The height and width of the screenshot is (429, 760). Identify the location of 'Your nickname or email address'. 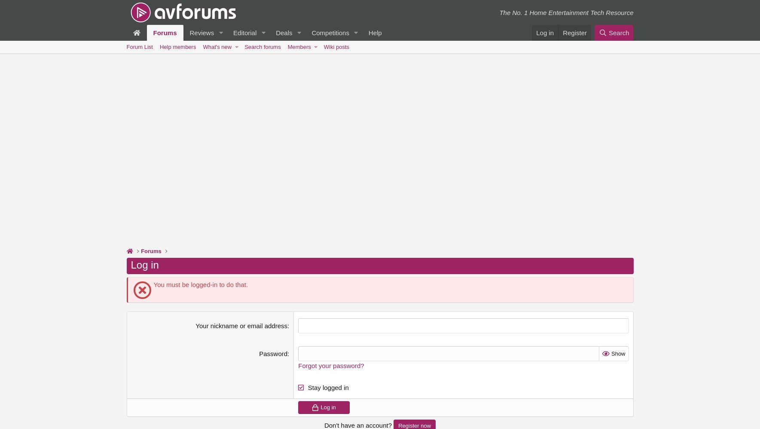
(241, 326).